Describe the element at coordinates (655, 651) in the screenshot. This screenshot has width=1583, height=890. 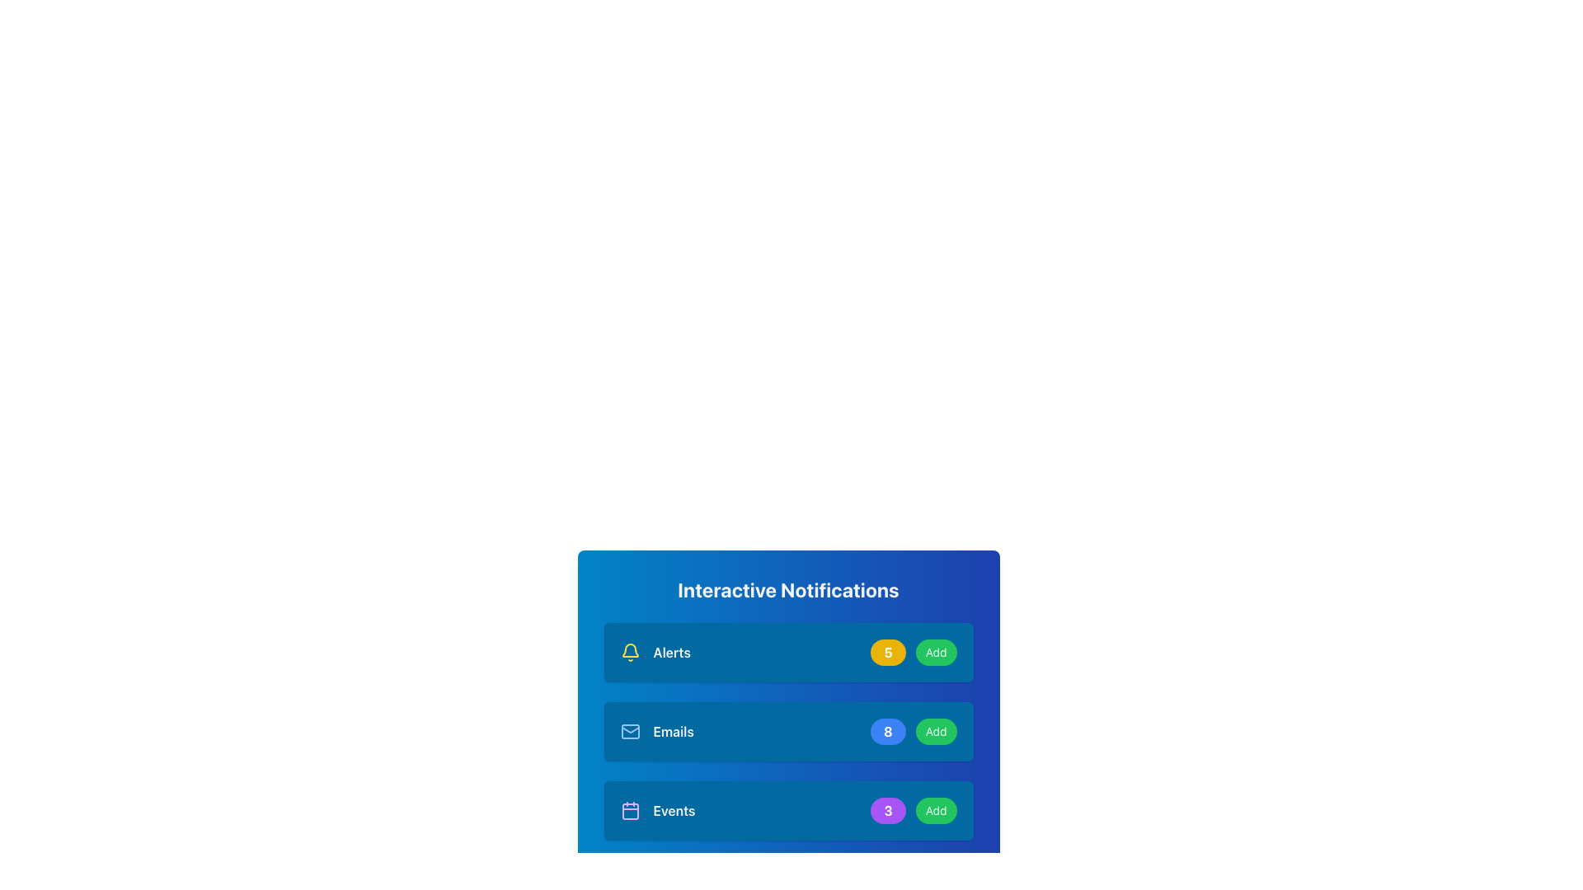
I see `the 'Alerts' label and icon pair, which is the first item in the notification panel and serves as a category title` at that location.